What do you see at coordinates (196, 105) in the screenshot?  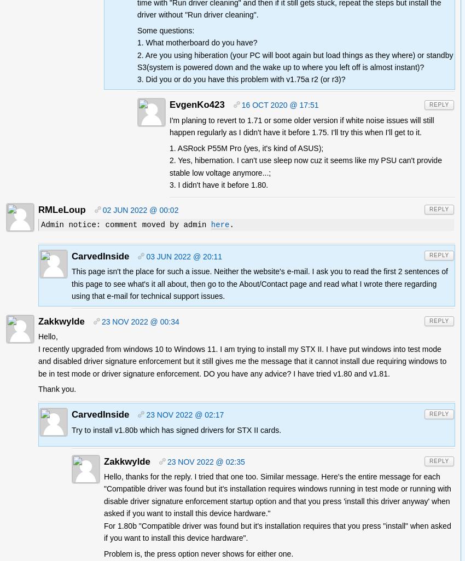 I see `'EvgenKo423'` at bounding box center [196, 105].